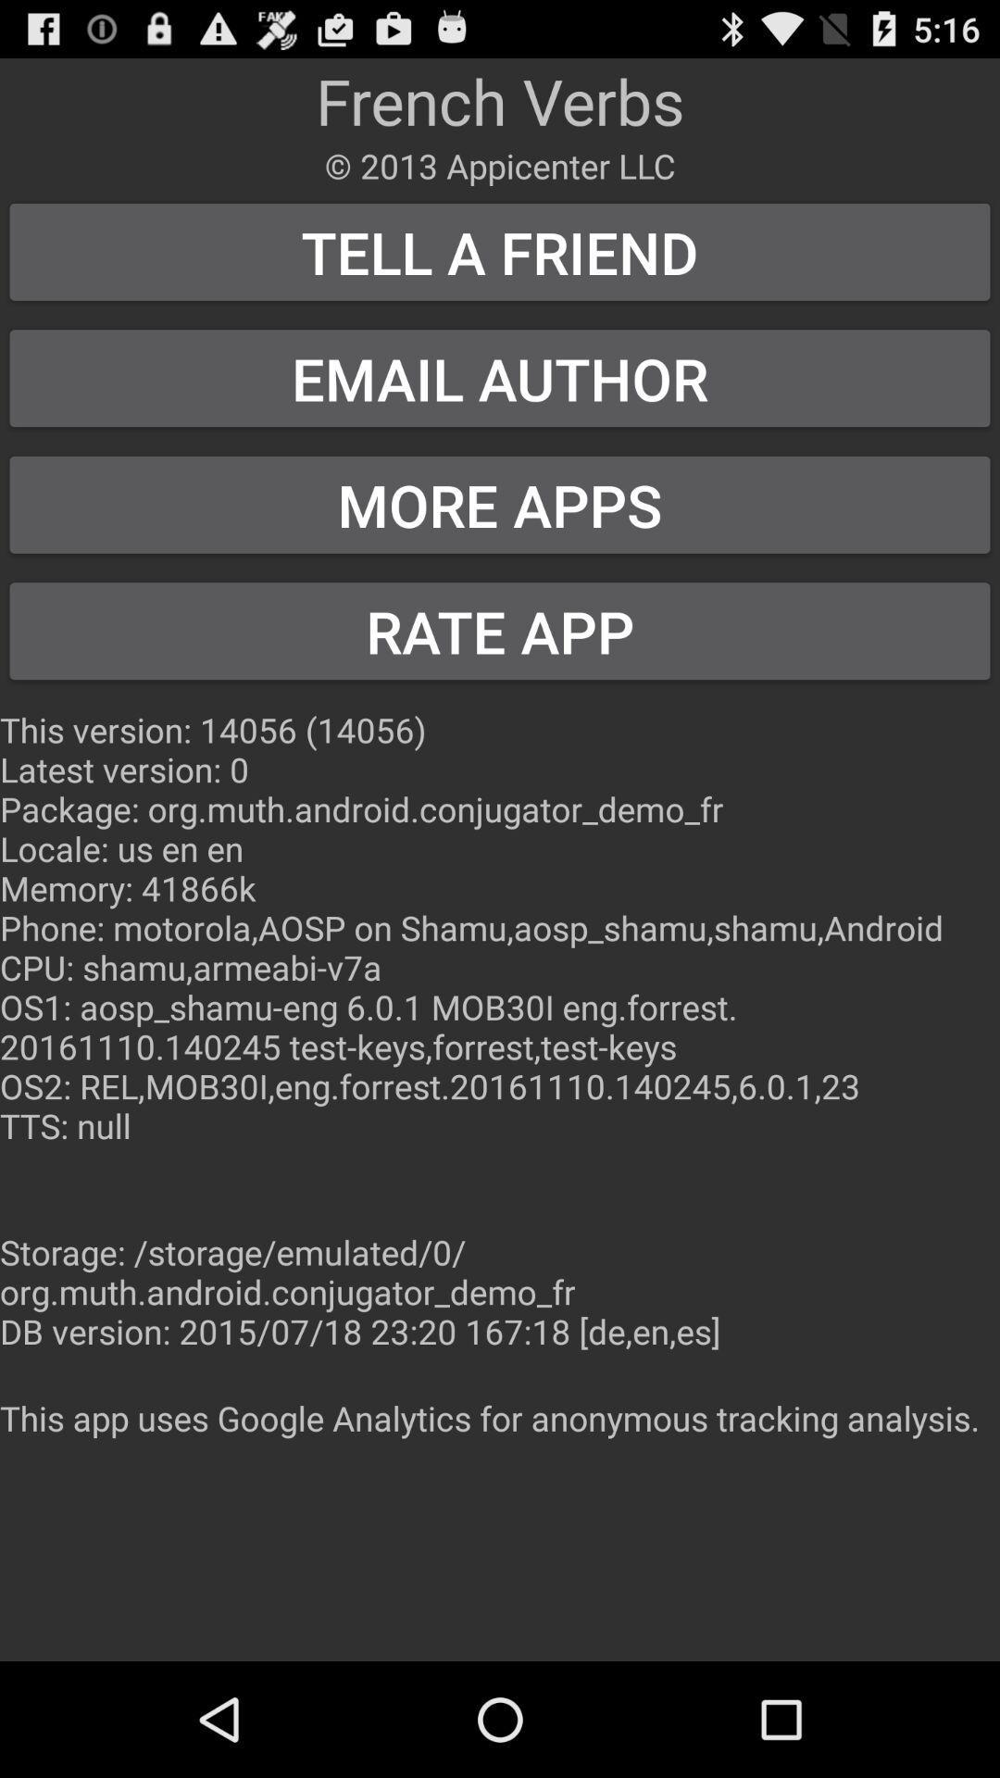 This screenshot has height=1778, width=1000. Describe the element at coordinates (500, 251) in the screenshot. I see `tell a friend button` at that location.